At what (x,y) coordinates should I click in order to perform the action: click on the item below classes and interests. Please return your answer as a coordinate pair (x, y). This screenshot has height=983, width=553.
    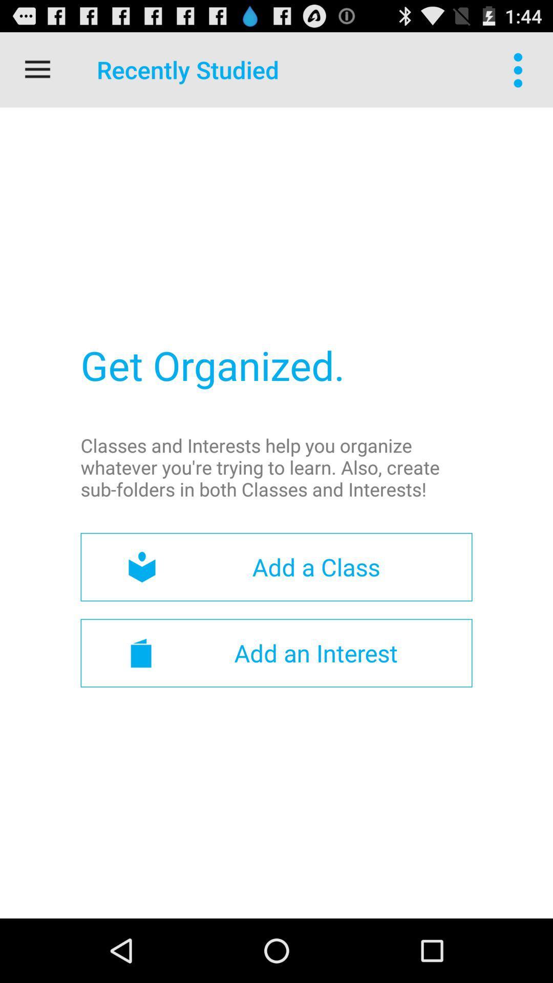
    Looking at the image, I should click on (276, 566).